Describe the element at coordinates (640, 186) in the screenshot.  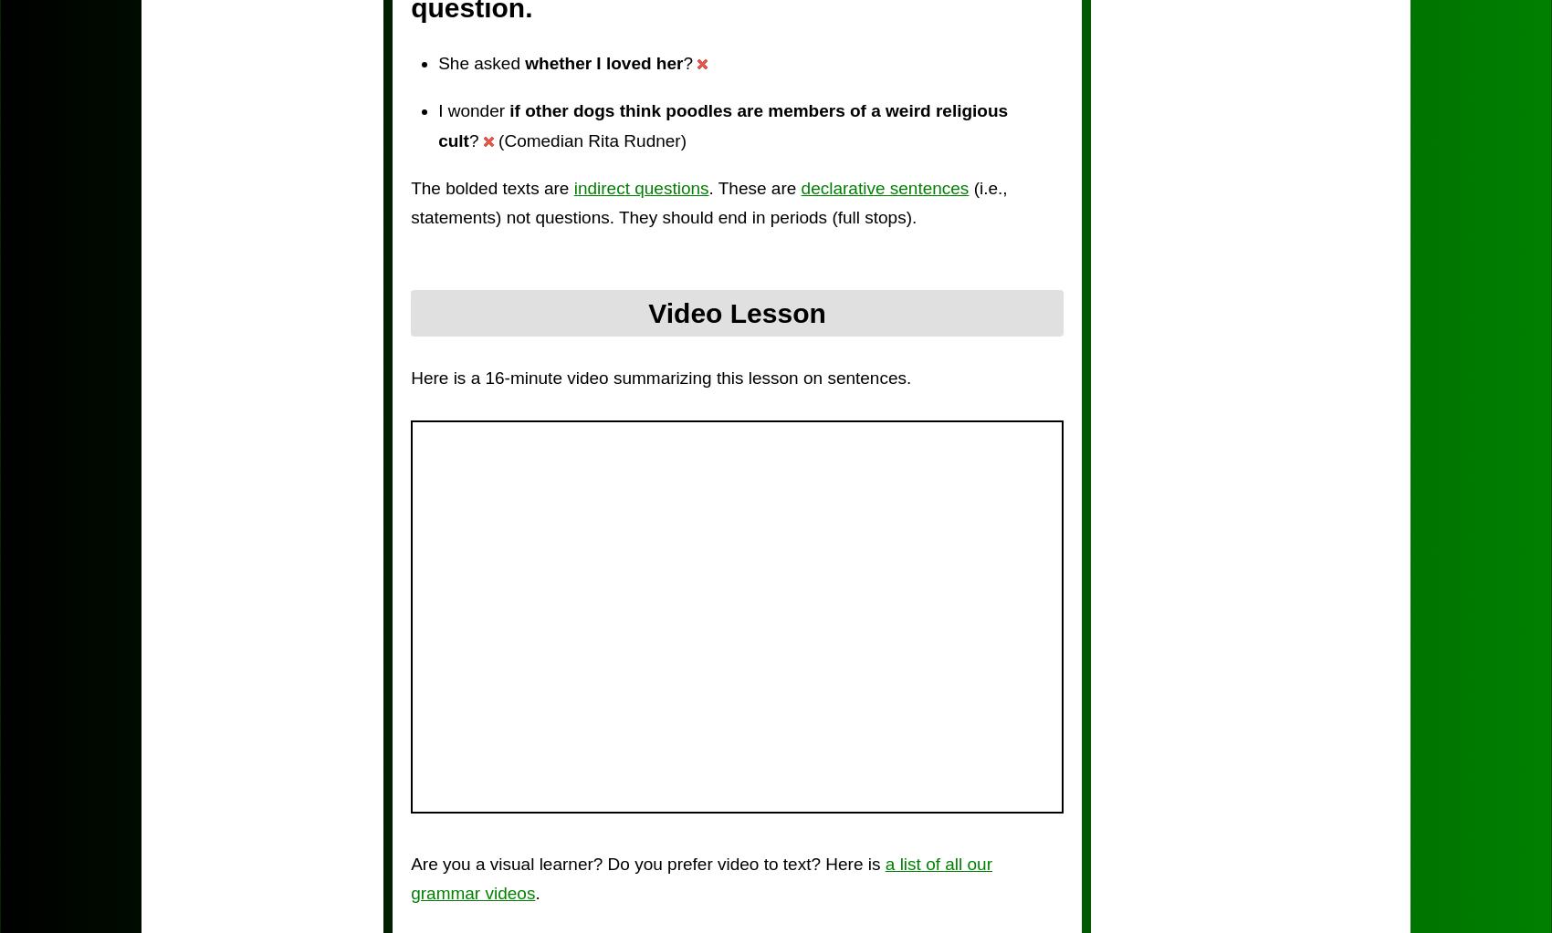
I see `'indirect questions'` at that location.